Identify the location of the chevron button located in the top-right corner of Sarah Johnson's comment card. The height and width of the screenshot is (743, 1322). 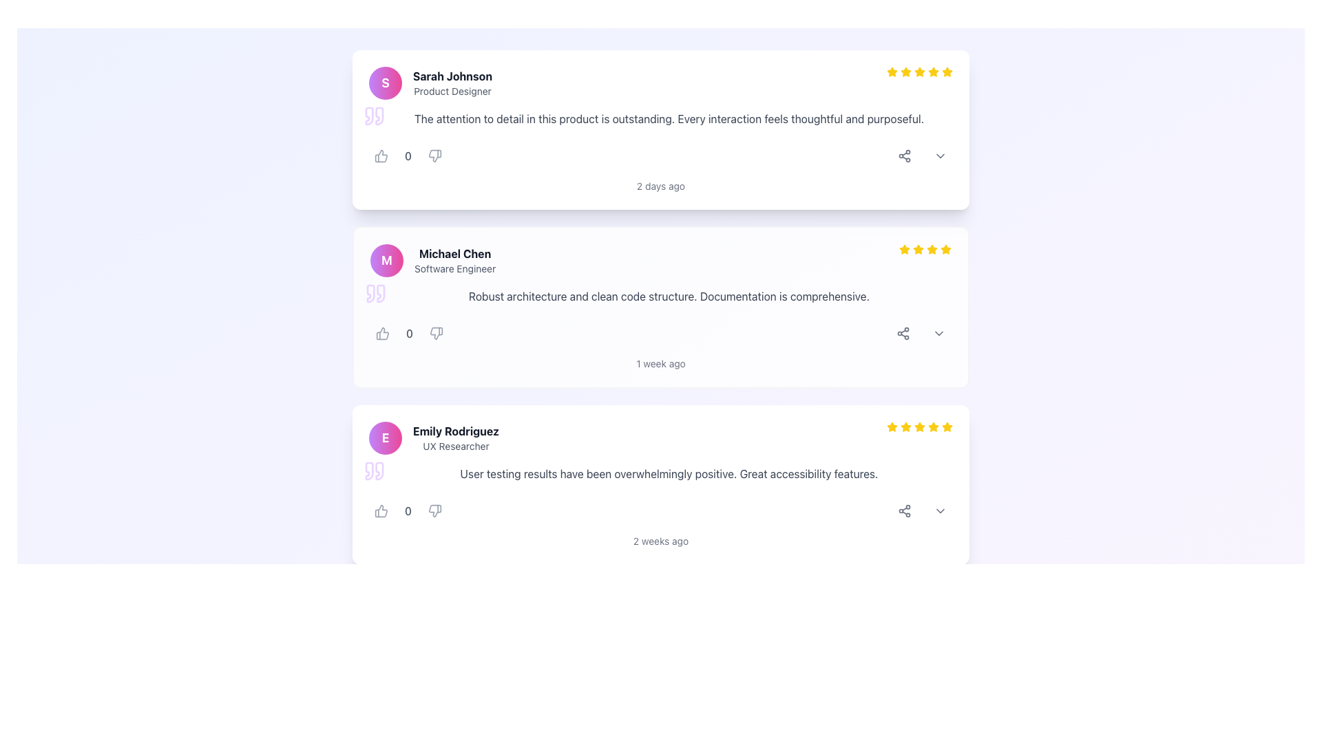
(940, 155).